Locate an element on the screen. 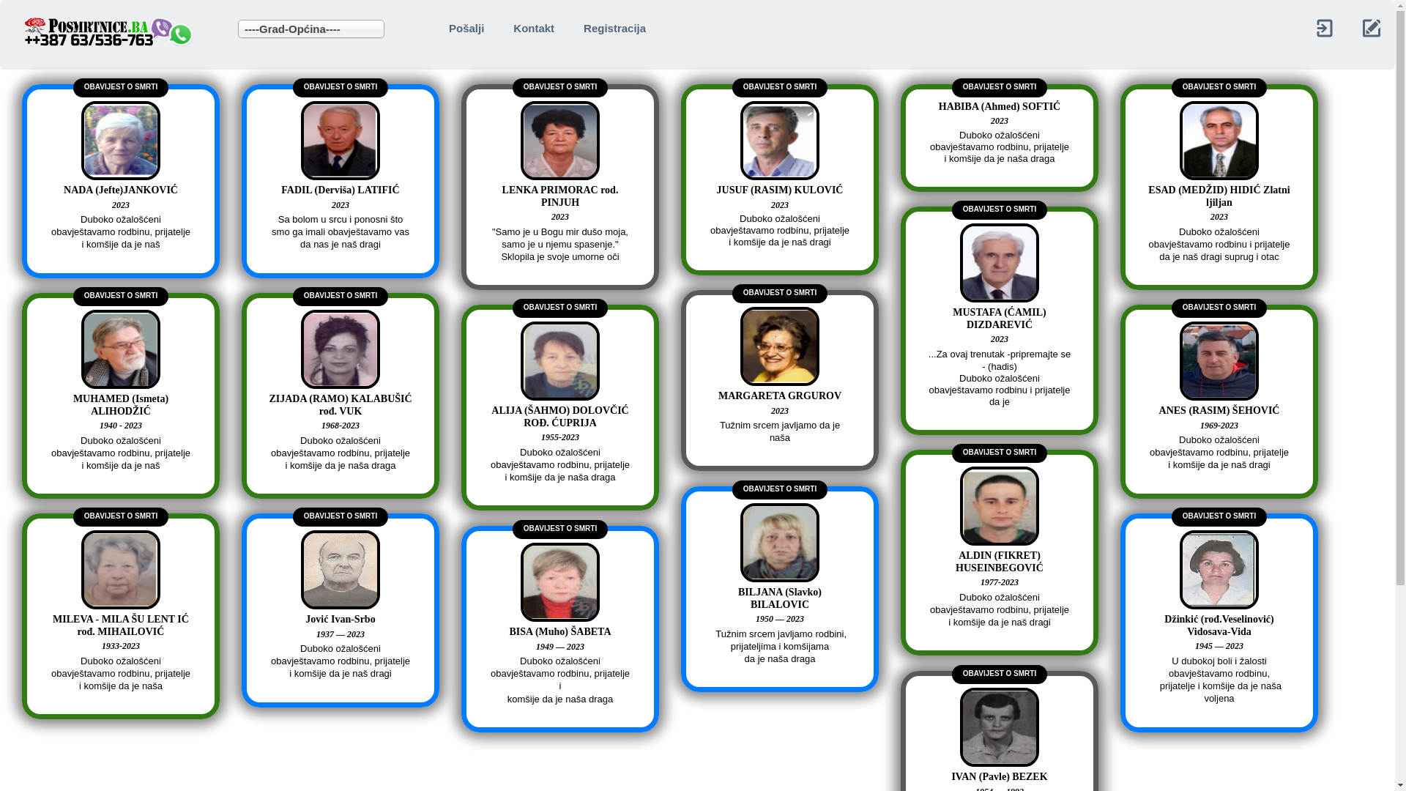 The width and height of the screenshot is (1406, 791). '1933-2023' is located at coordinates (120, 652).